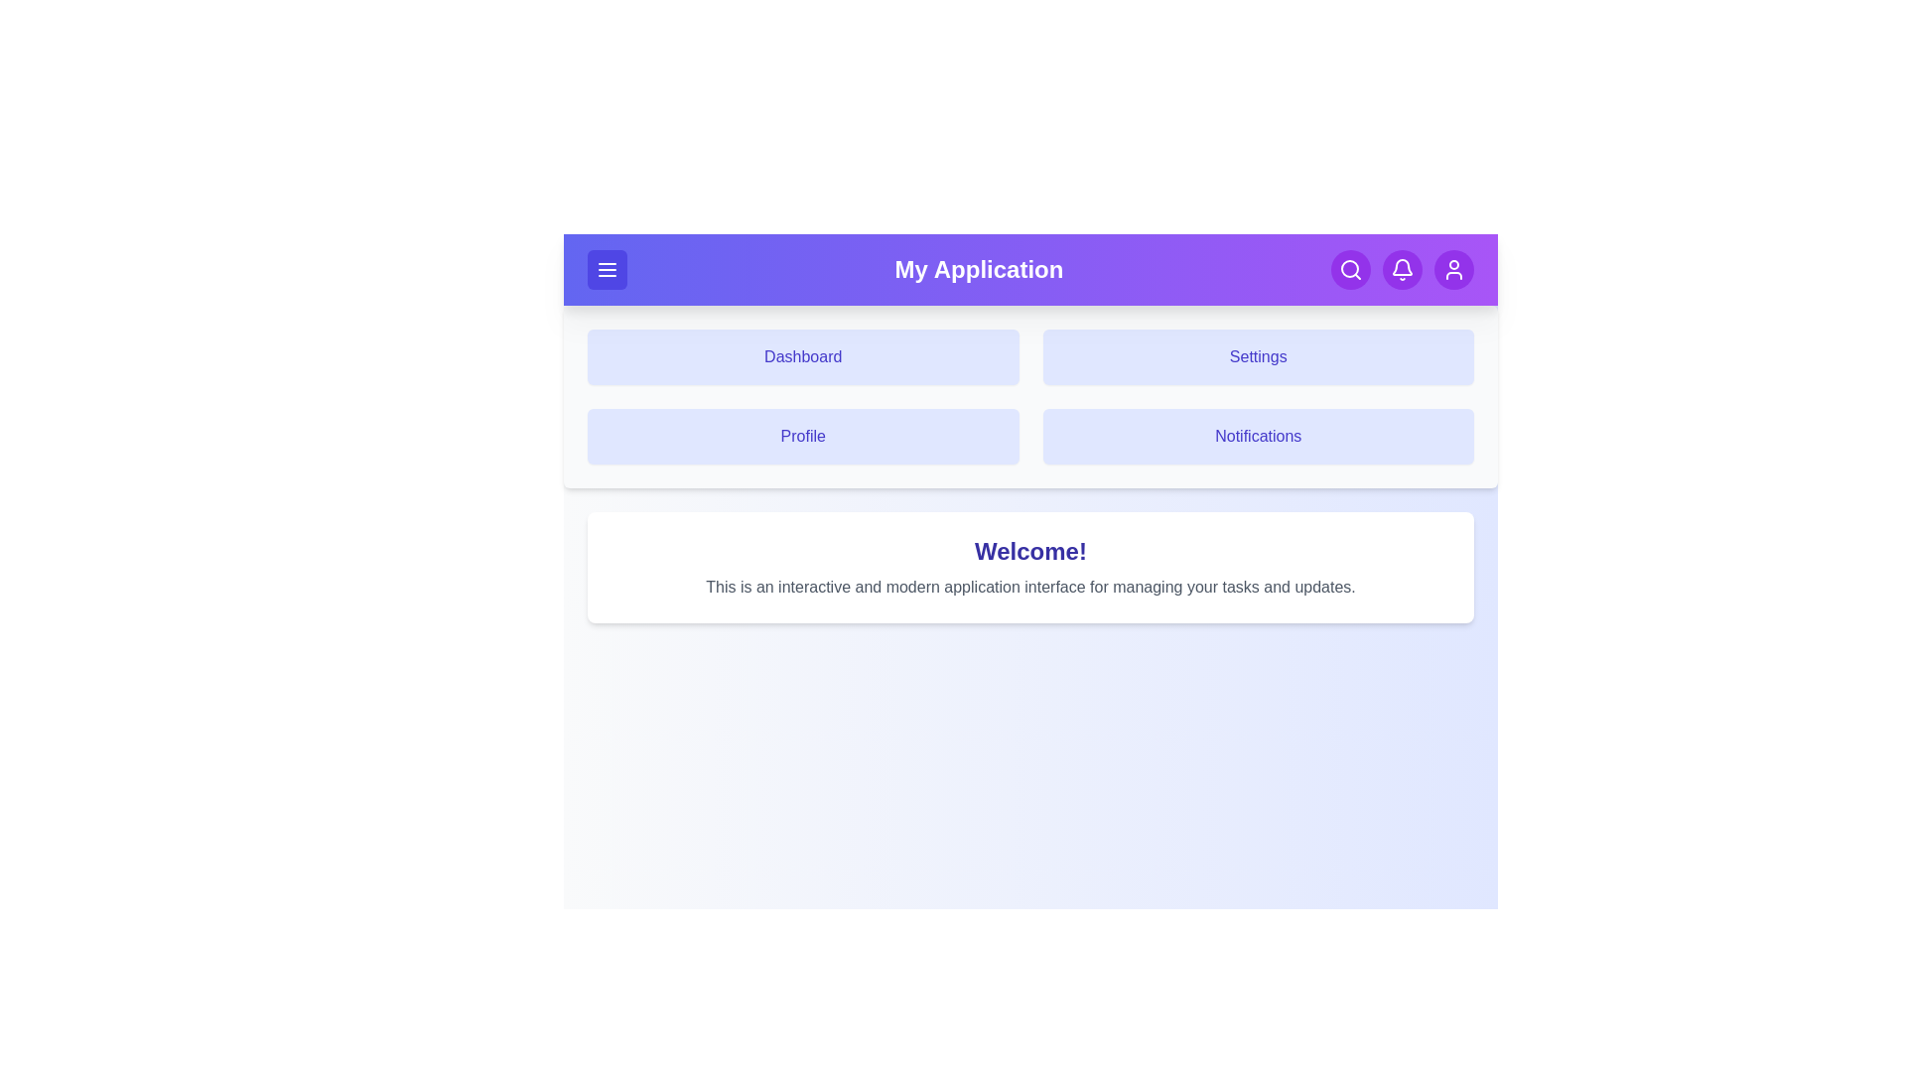 The image size is (1906, 1072). I want to click on menu toggle button to toggle the side menu visibility, so click(606, 270).